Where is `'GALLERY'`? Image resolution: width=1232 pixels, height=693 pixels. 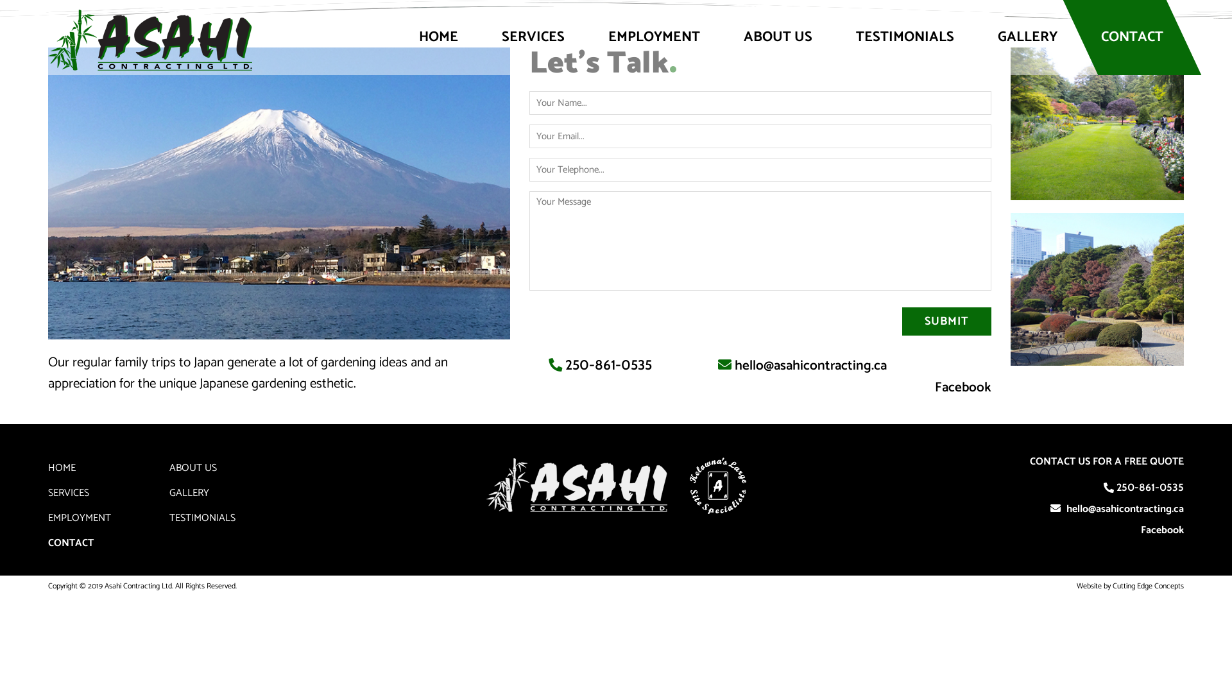 'GALLERY' is located at coordinates (188, 492).